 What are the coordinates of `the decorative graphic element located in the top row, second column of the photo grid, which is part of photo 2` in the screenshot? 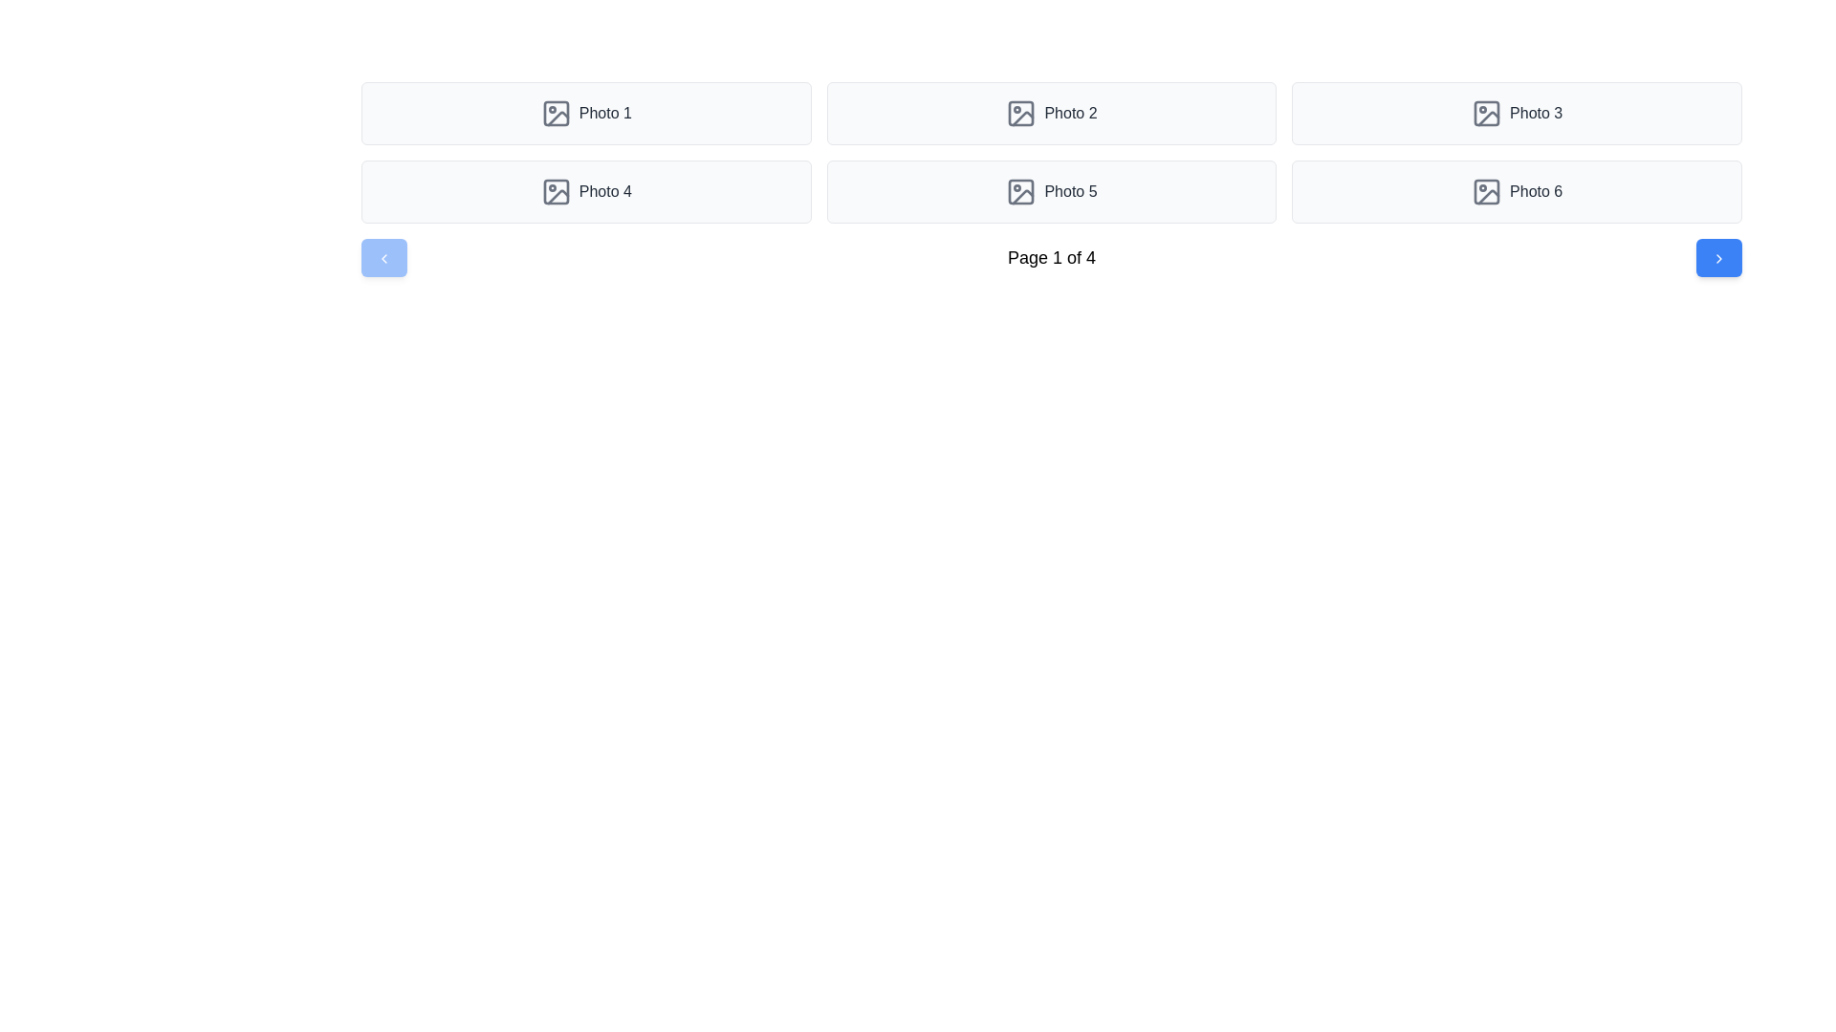 It's located at (1020, 114).